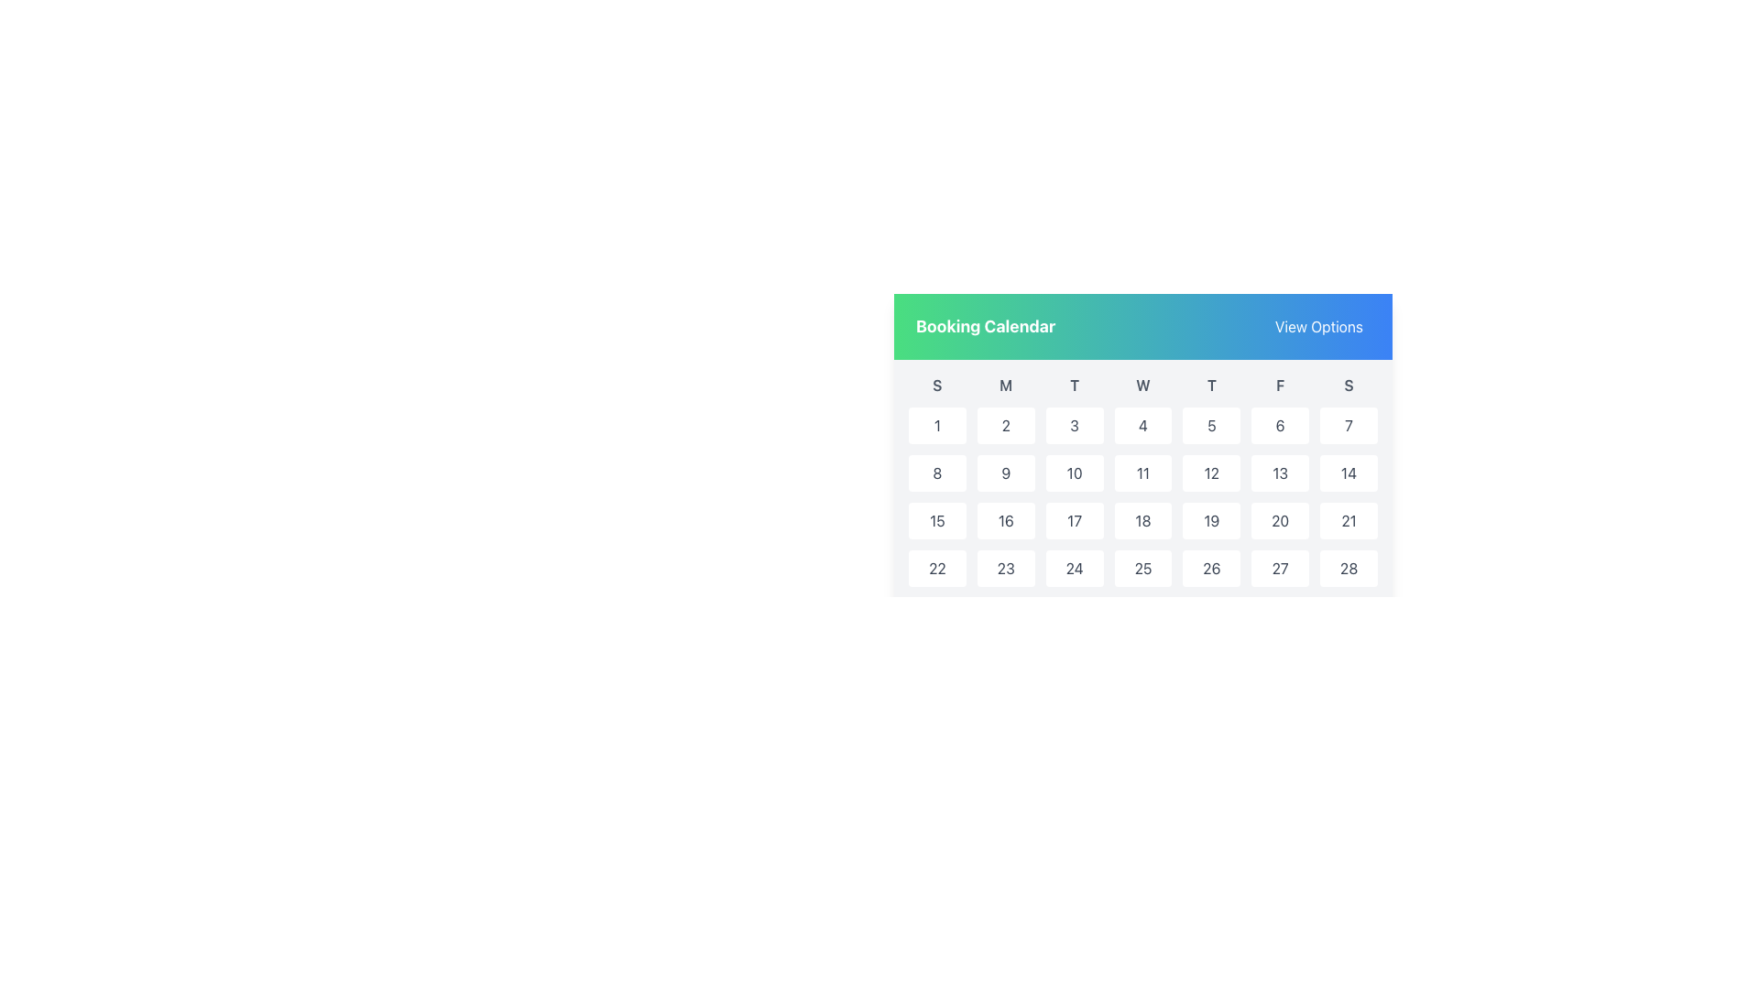 This screenshot has height=989, width=1759. Describe the element at coordinates (1279, 521) in the screenshot. I see `the numeral '20' within the button-like element in the calendar grid layout` at that location.